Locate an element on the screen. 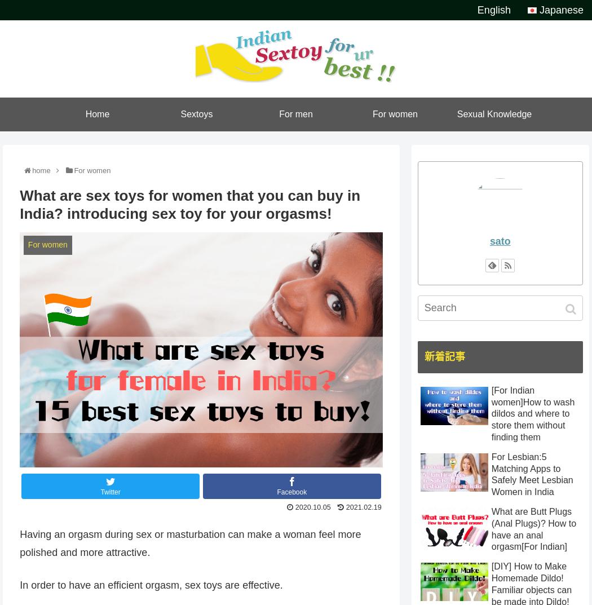 The width and height of the screenshot is (592, 605). 'This is a site for Indian men and women who are interested in sex toys and knowledge about sex in India.' is located at coordinates (295, 10).